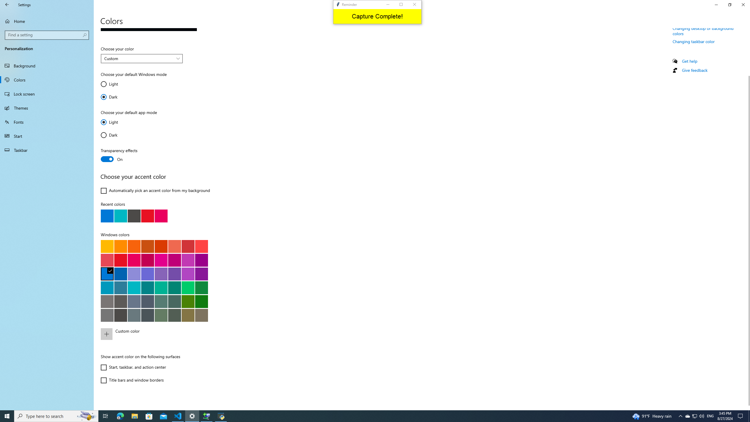 The image size is (750, 422). I want to click on 'Iris Spring', so click(174, 274).